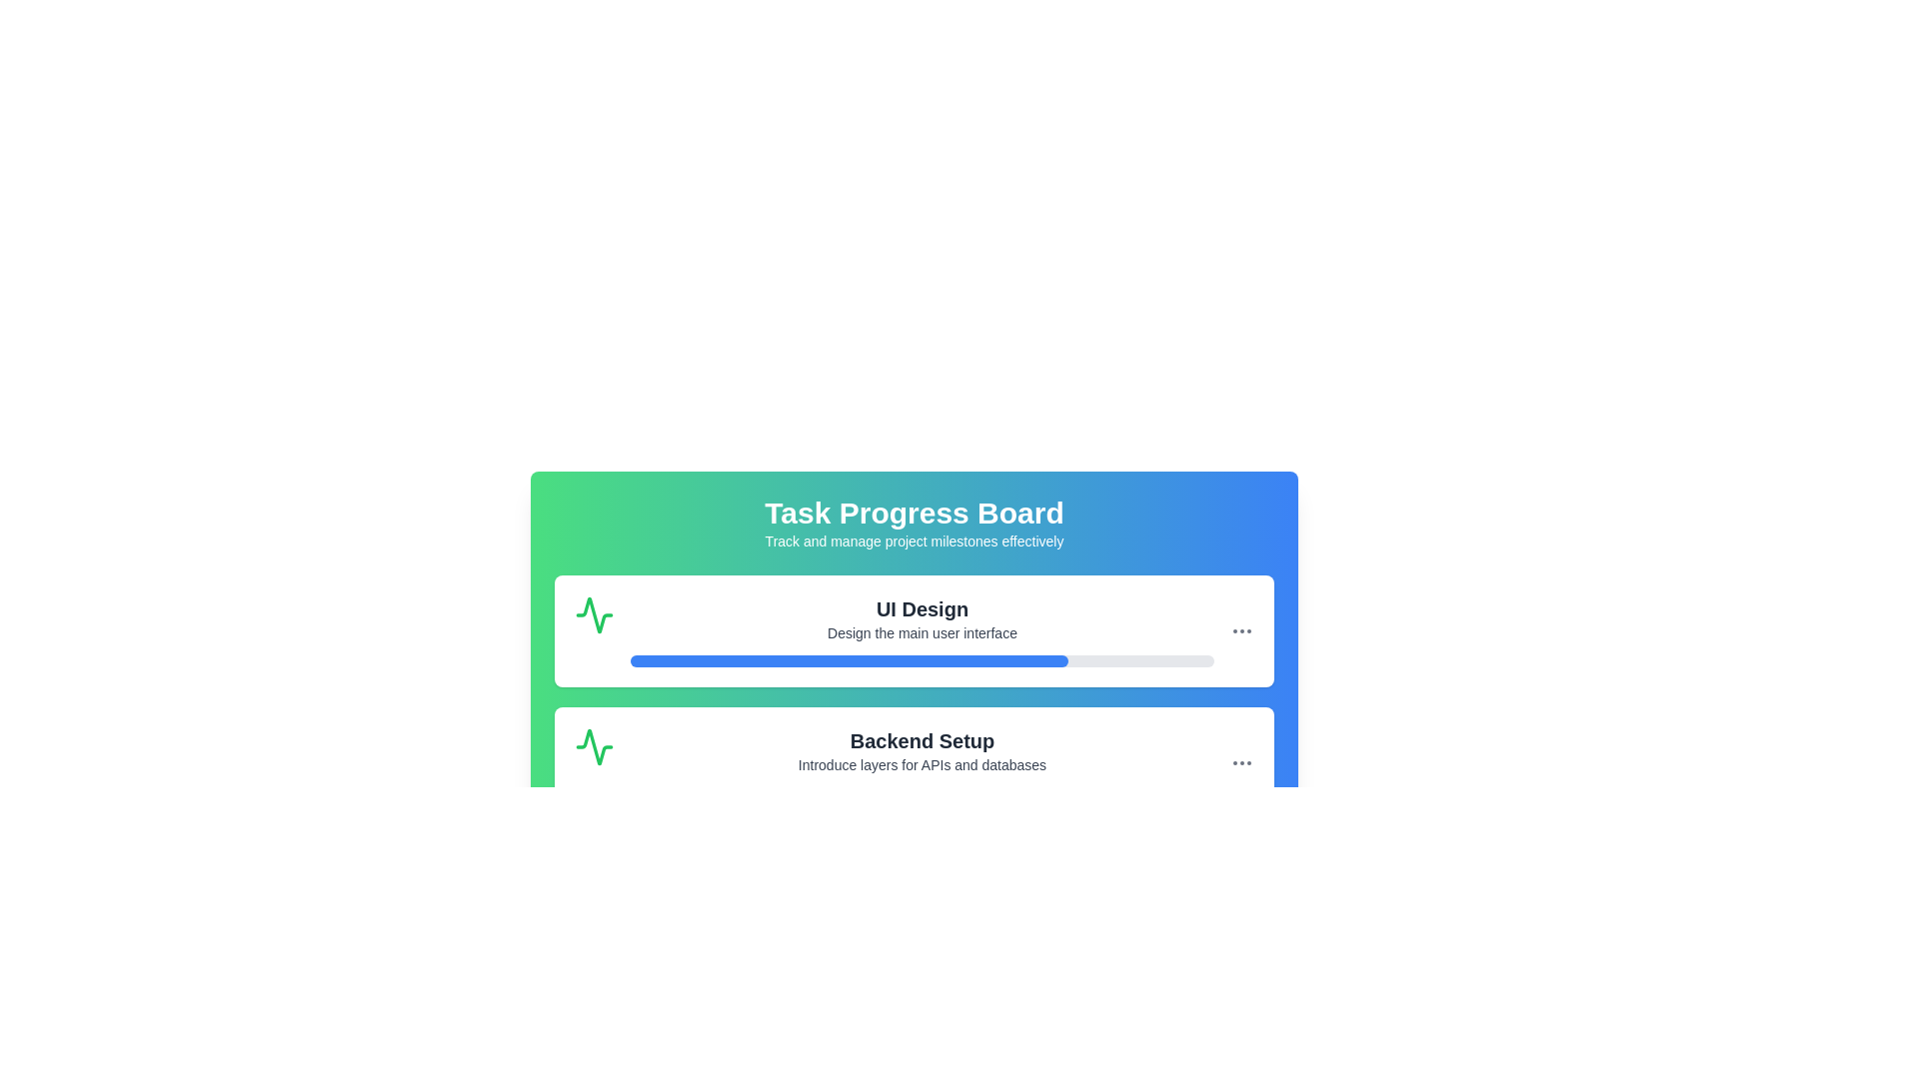 The image size is (1919, 1079). Describe the element at coordinates (921, 740) in the screenshot. I see `the bolded text element displaying 'Backend Setup', which is prominently styled and located within the card below the 'UI Design' card` at that location.